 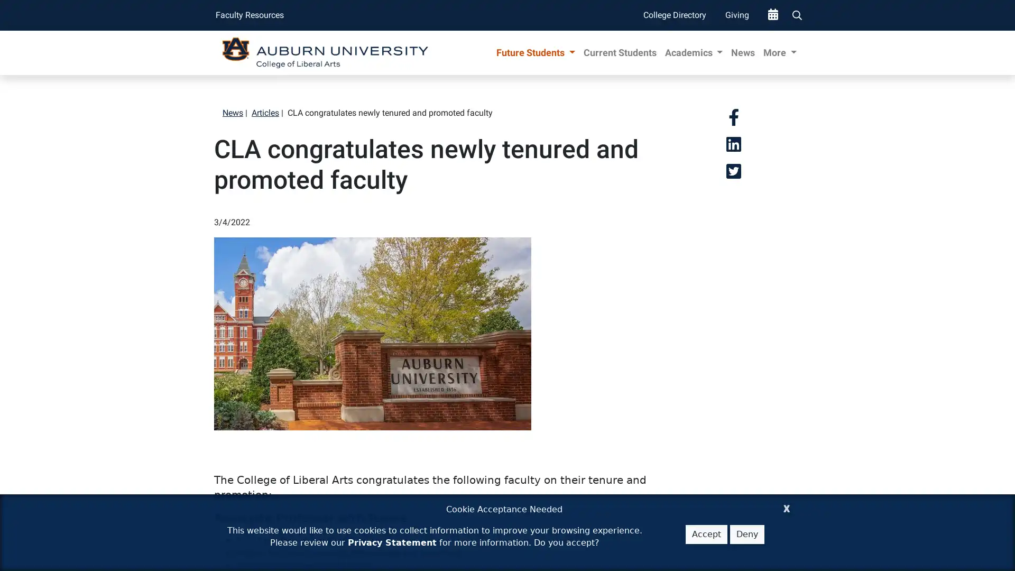 I want to click on Accept, so click(x=706, y=534).